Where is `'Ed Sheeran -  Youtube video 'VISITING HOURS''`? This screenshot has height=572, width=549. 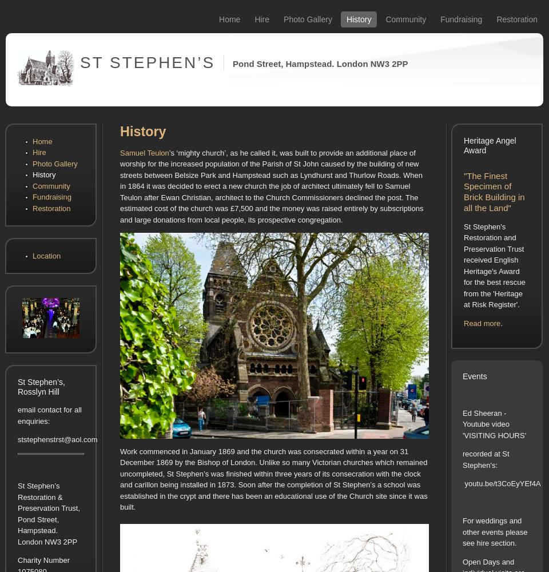 'Ed Sheeran -  Youtube video 'VISITING HOURS'' is located at coordinates (494, 423).